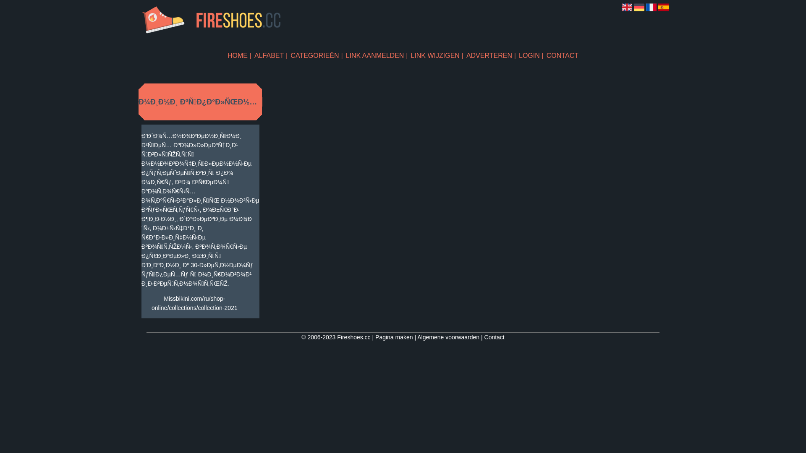  I want to click on 'Missbikini.com/ru/shop-online/collections/collection-2021', so click(194, 303).